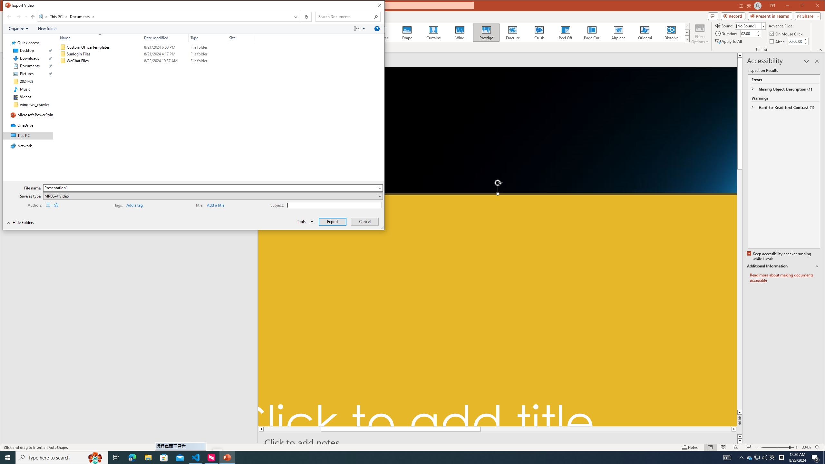  What do you see at coordinates (18, 16) in the screenshot?
I see `'Forward (Alt + Right Arrow)'` at bounding box center [18, 16].